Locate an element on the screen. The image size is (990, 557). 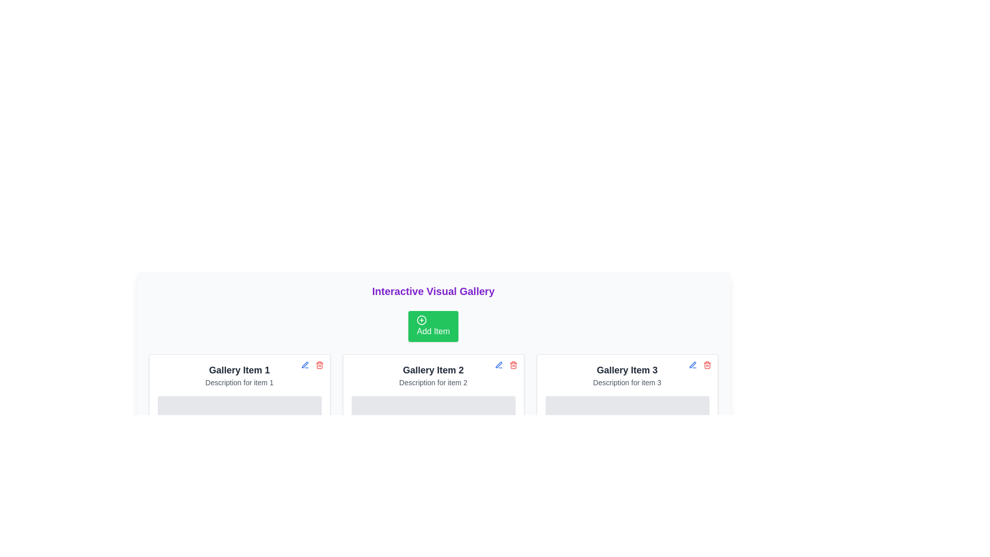
the delete icon located at the top-right corner of the card representing 'Gallery Item 2' to initiate the deletion process is located at coordinates (513, 365).